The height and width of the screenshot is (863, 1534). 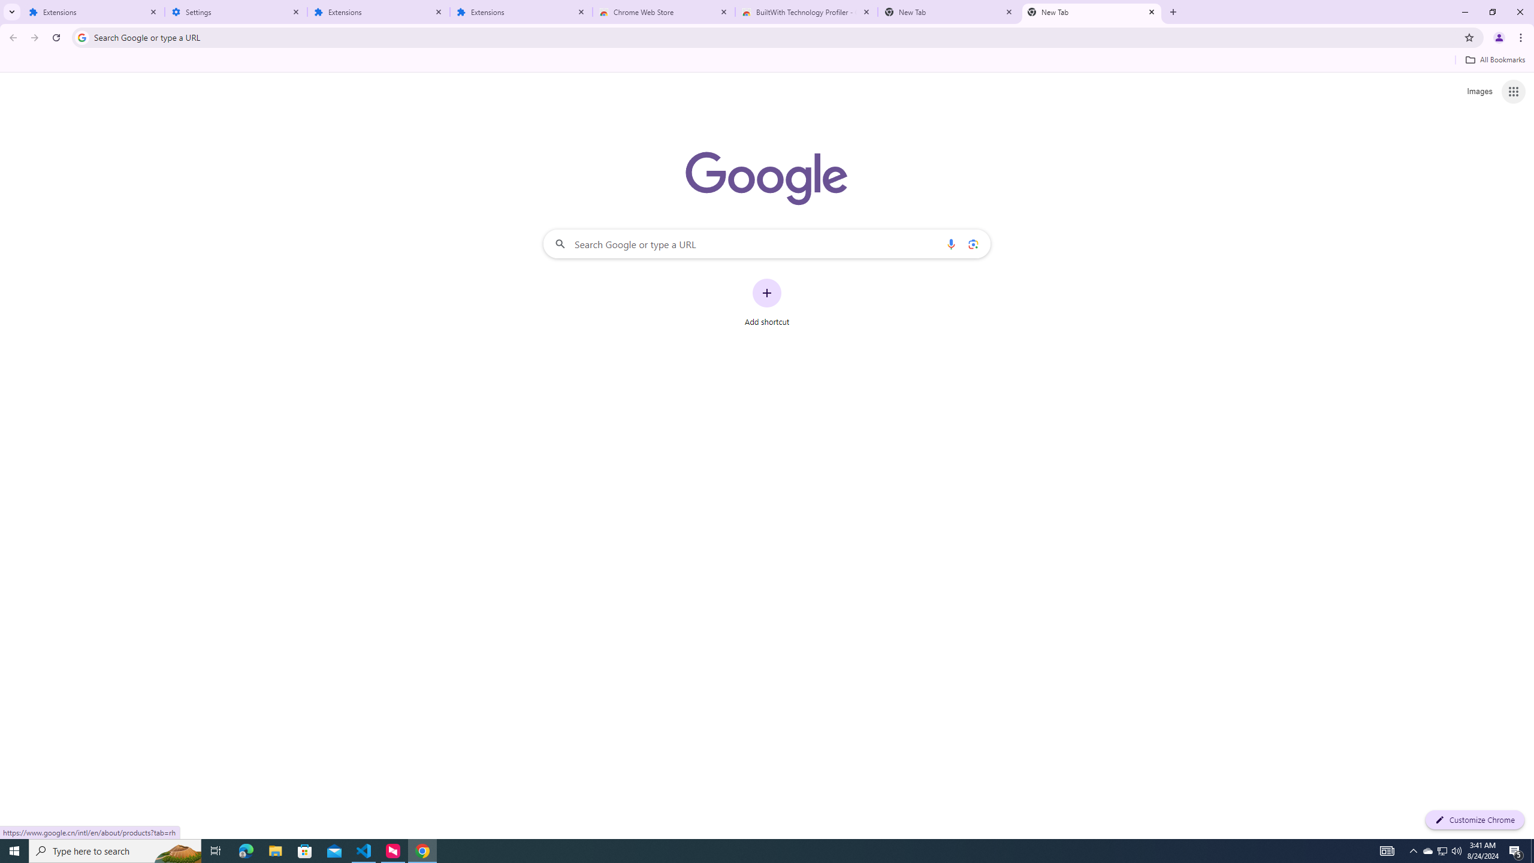 I want to click on 'Search for Images ', so click(x=1479, y=92).